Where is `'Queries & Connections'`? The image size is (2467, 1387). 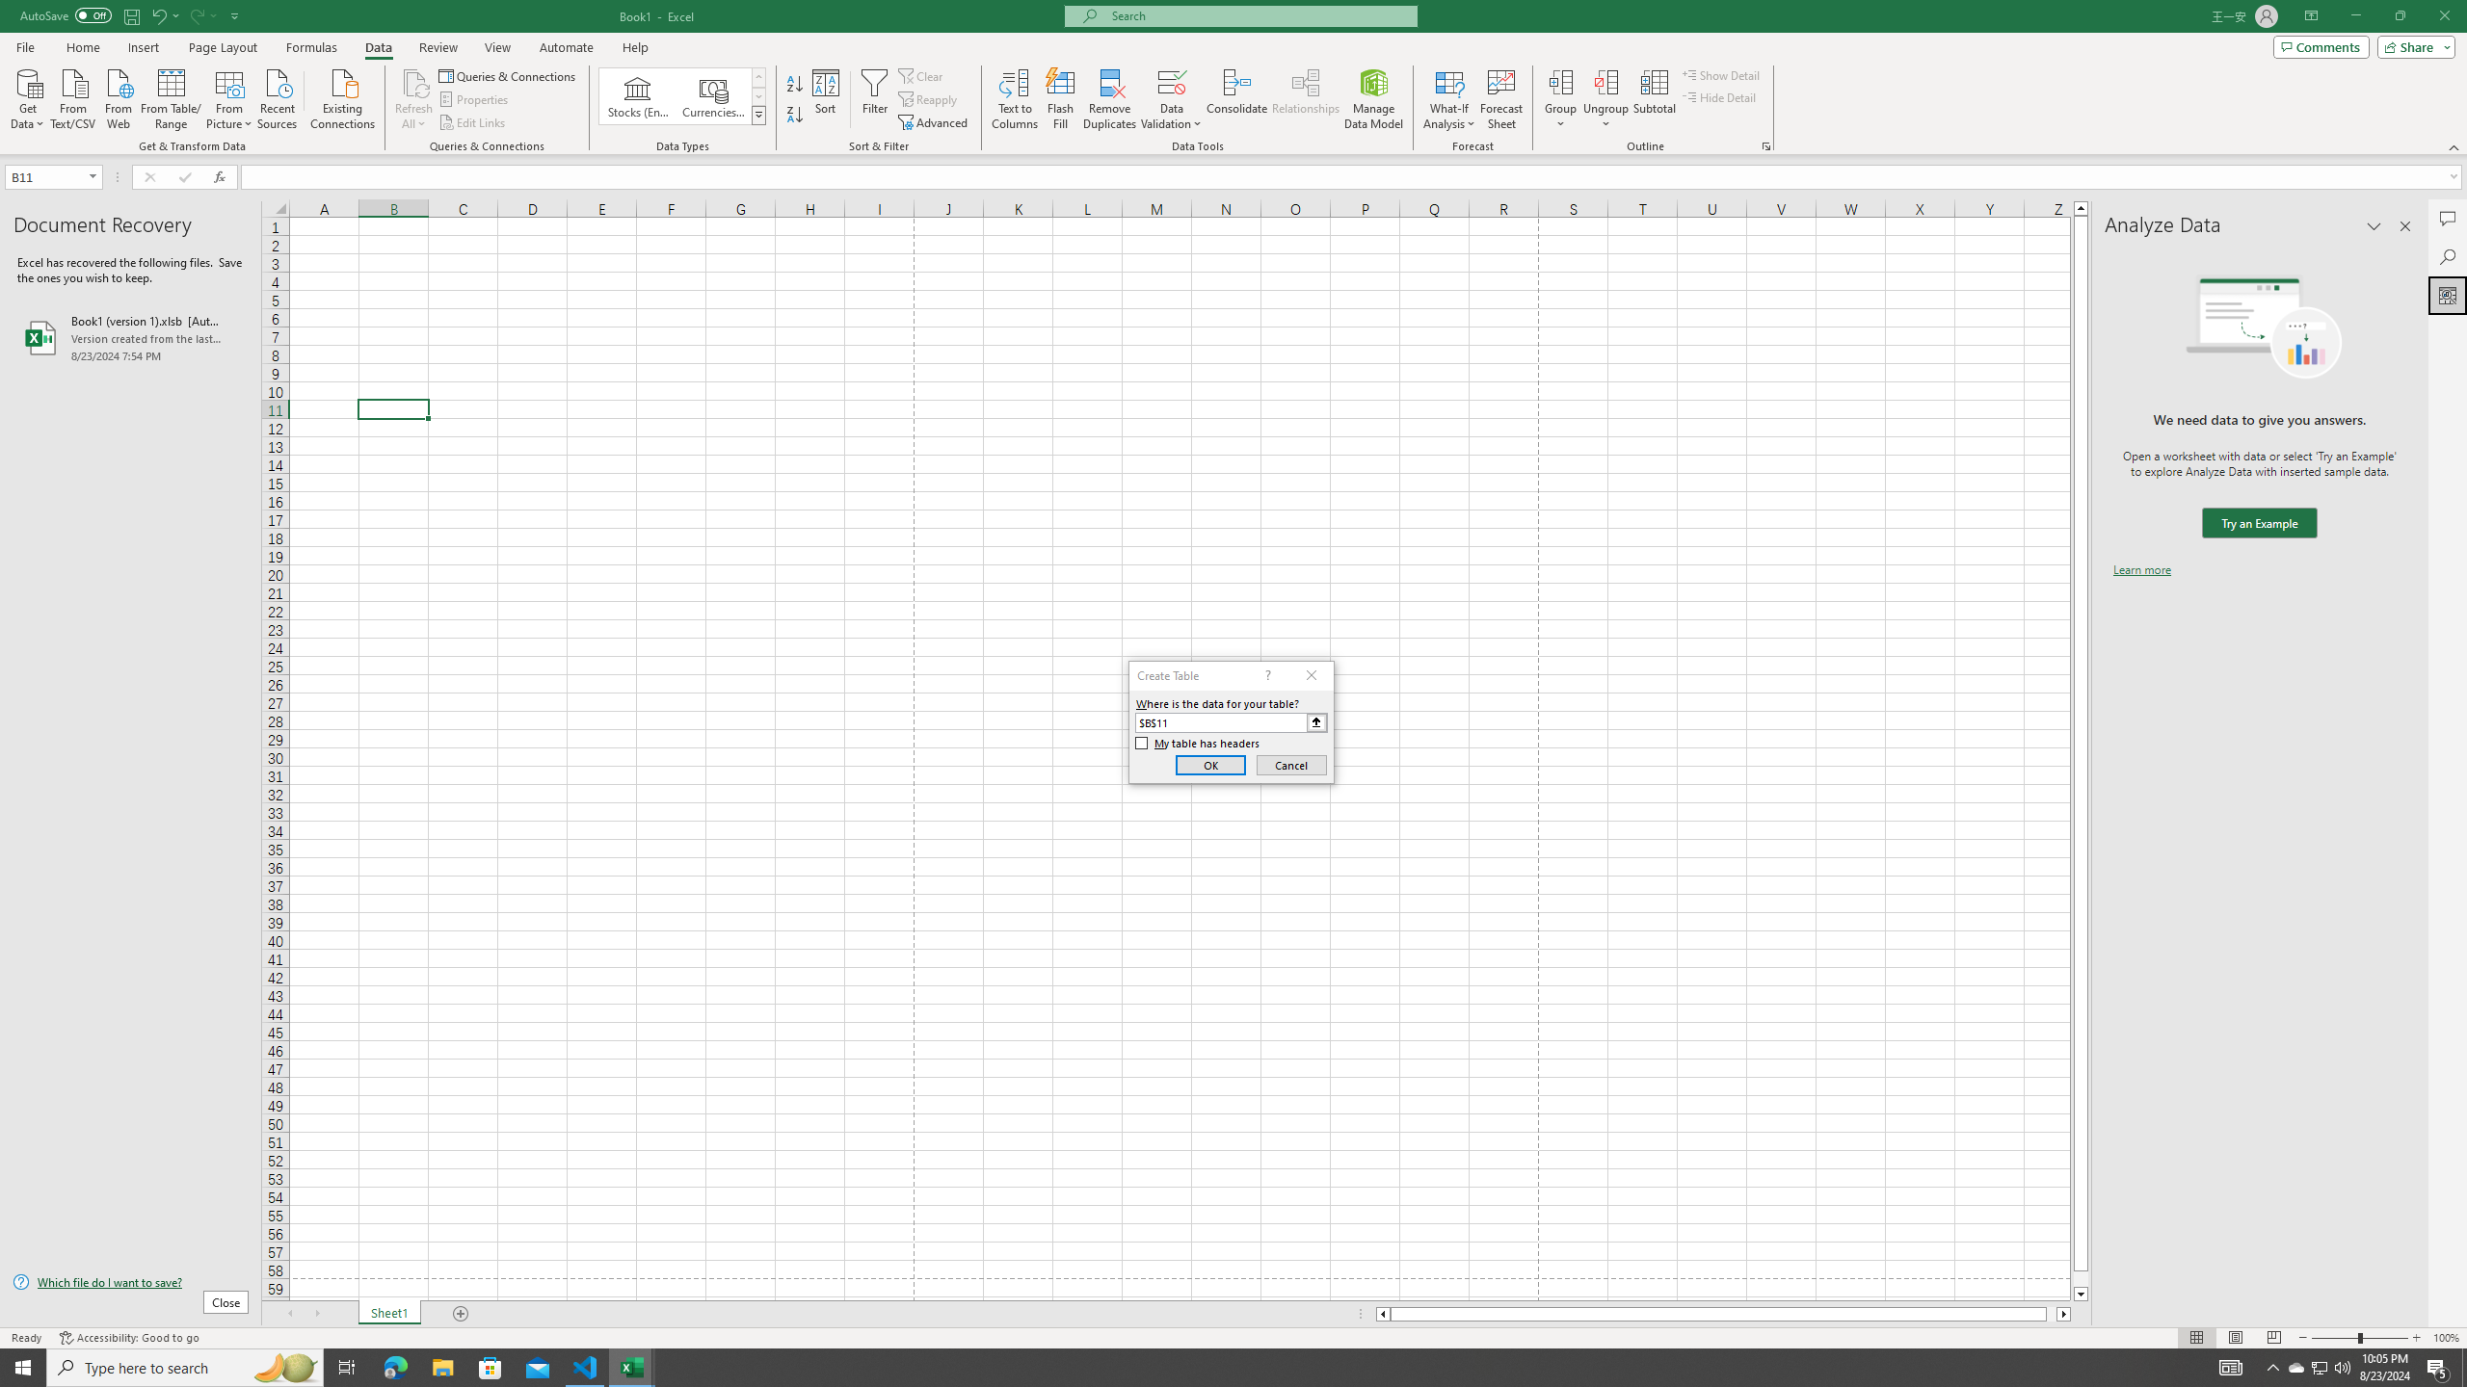
'Queries & Connections' is located at coordinates (508, 75).